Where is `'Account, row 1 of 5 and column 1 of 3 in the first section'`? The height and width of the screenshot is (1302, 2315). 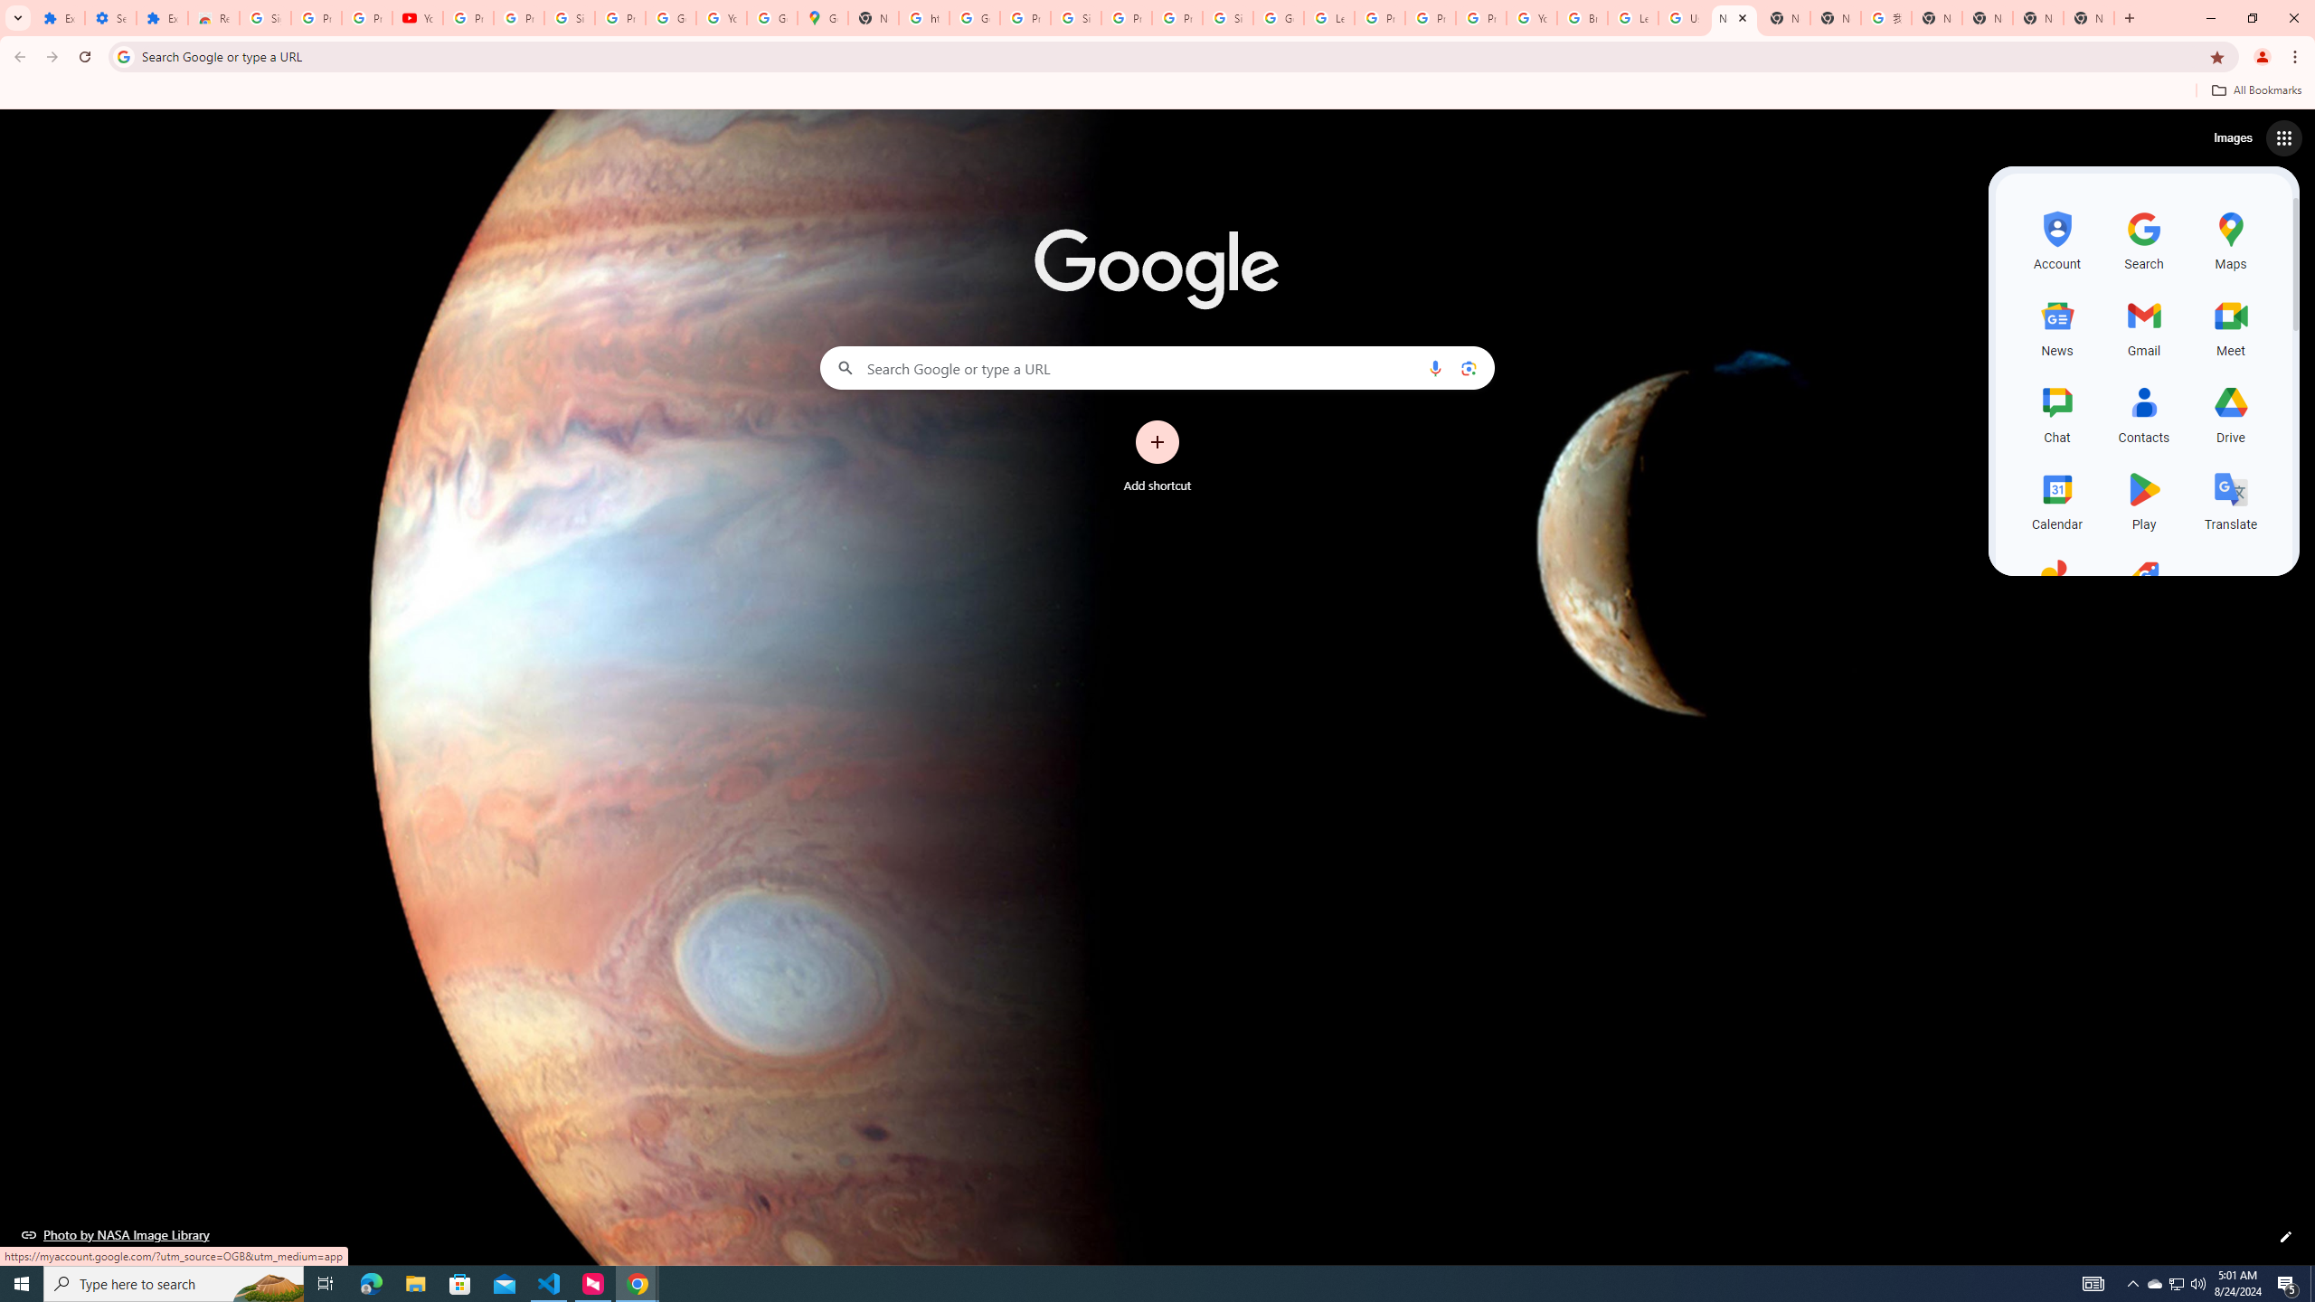
'Account, row 1 of 5 and column 1 of 3 in the first section' is located at coordinates (2056, 238).